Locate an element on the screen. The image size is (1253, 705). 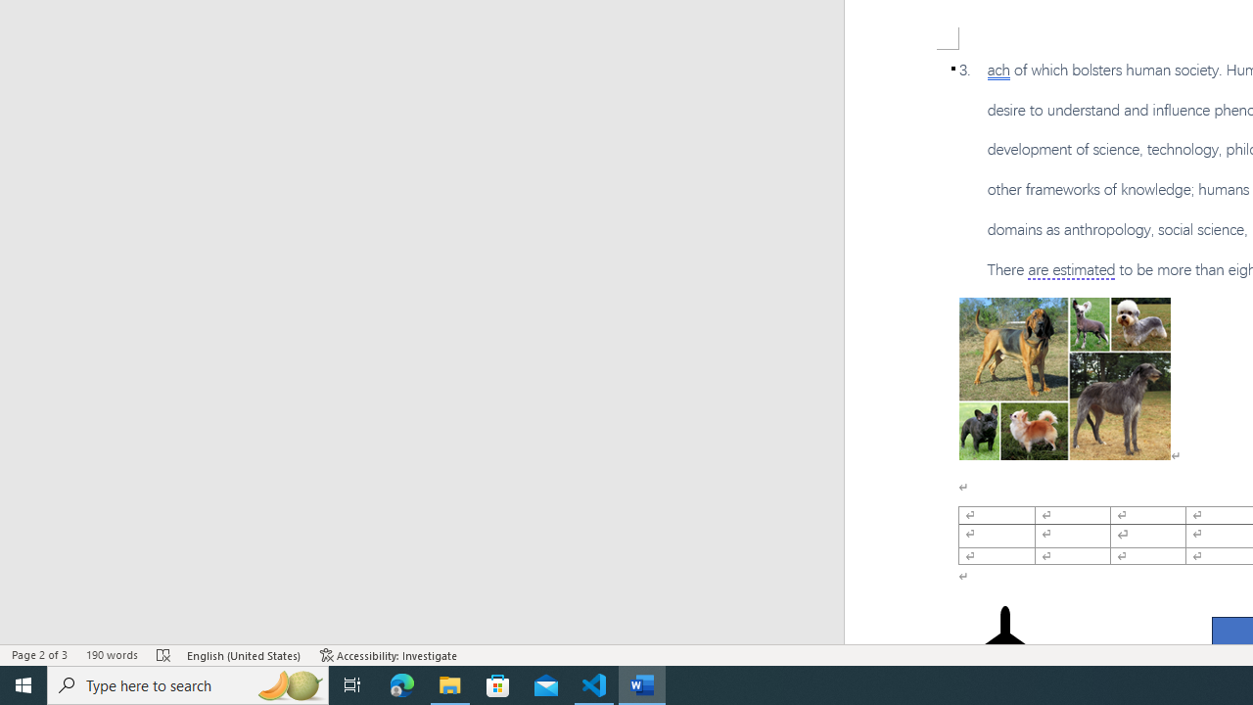
'Airplane with solid fill' is located at coordinates (1005, 644).